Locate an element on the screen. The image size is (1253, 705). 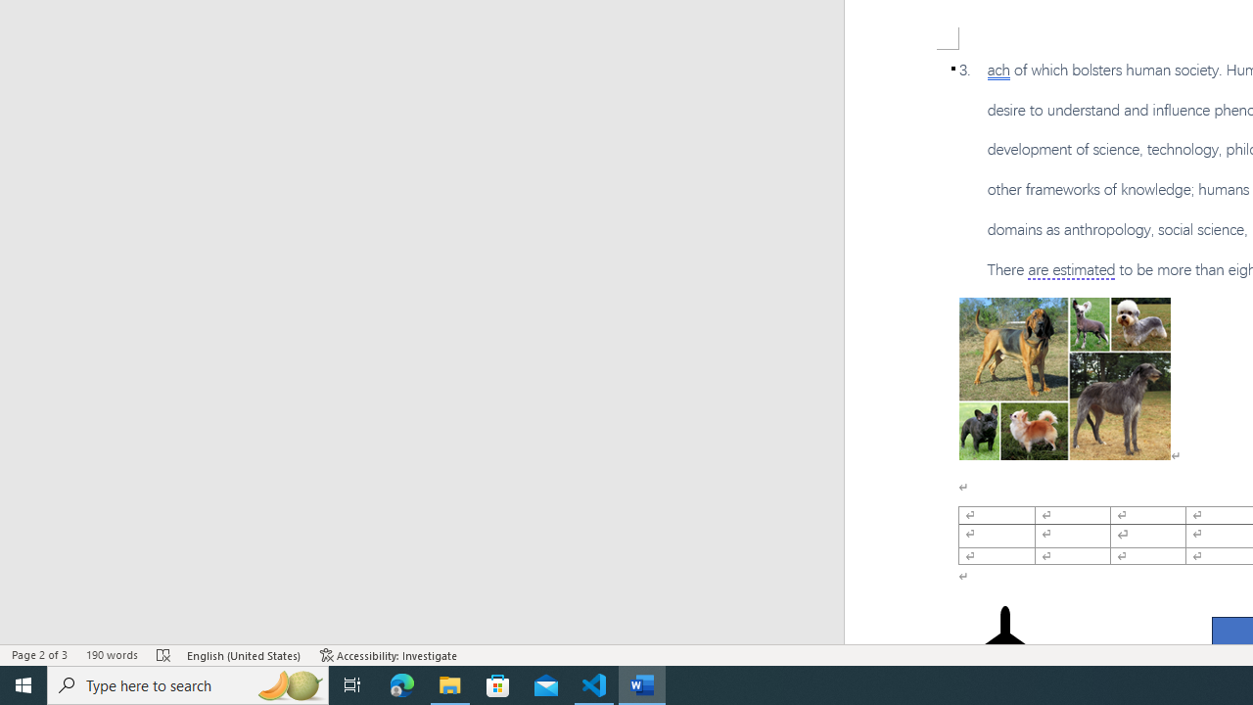
'Airplane with solid fill' is located at coordinates (1005, 644).